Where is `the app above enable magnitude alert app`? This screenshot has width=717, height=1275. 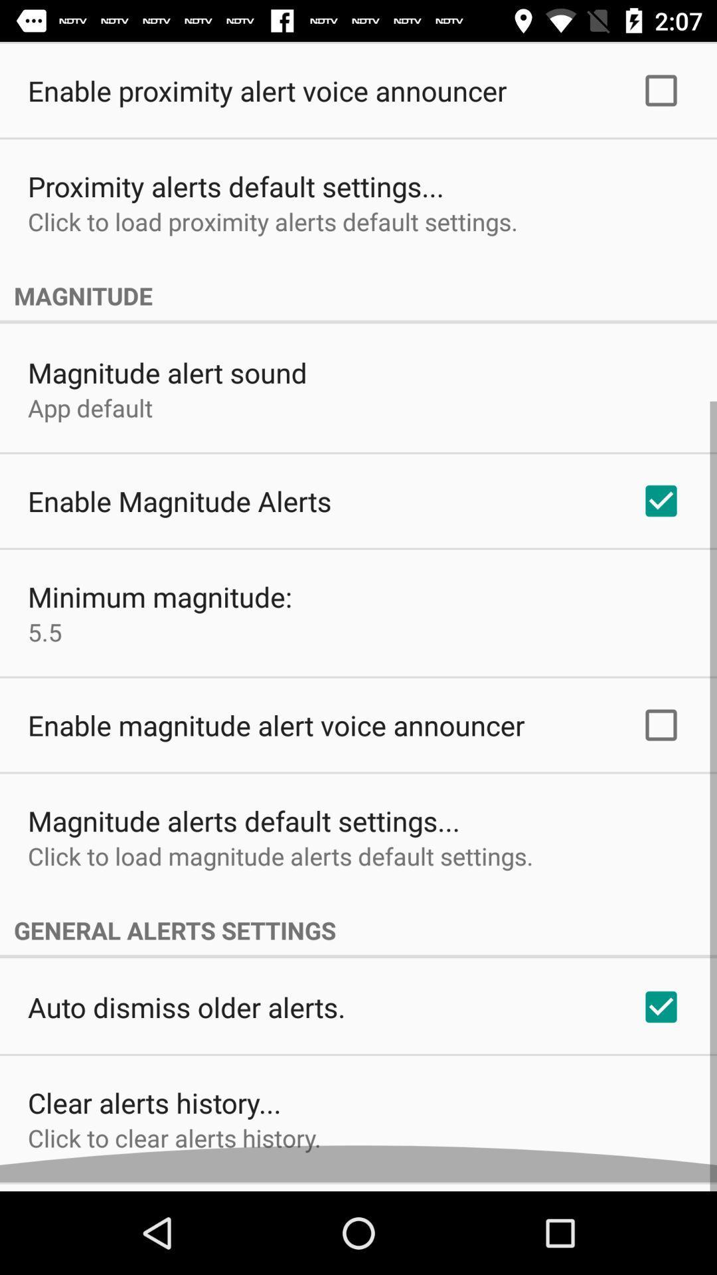 the app above enable magnitude alert app is located at coordinates (44, 641).